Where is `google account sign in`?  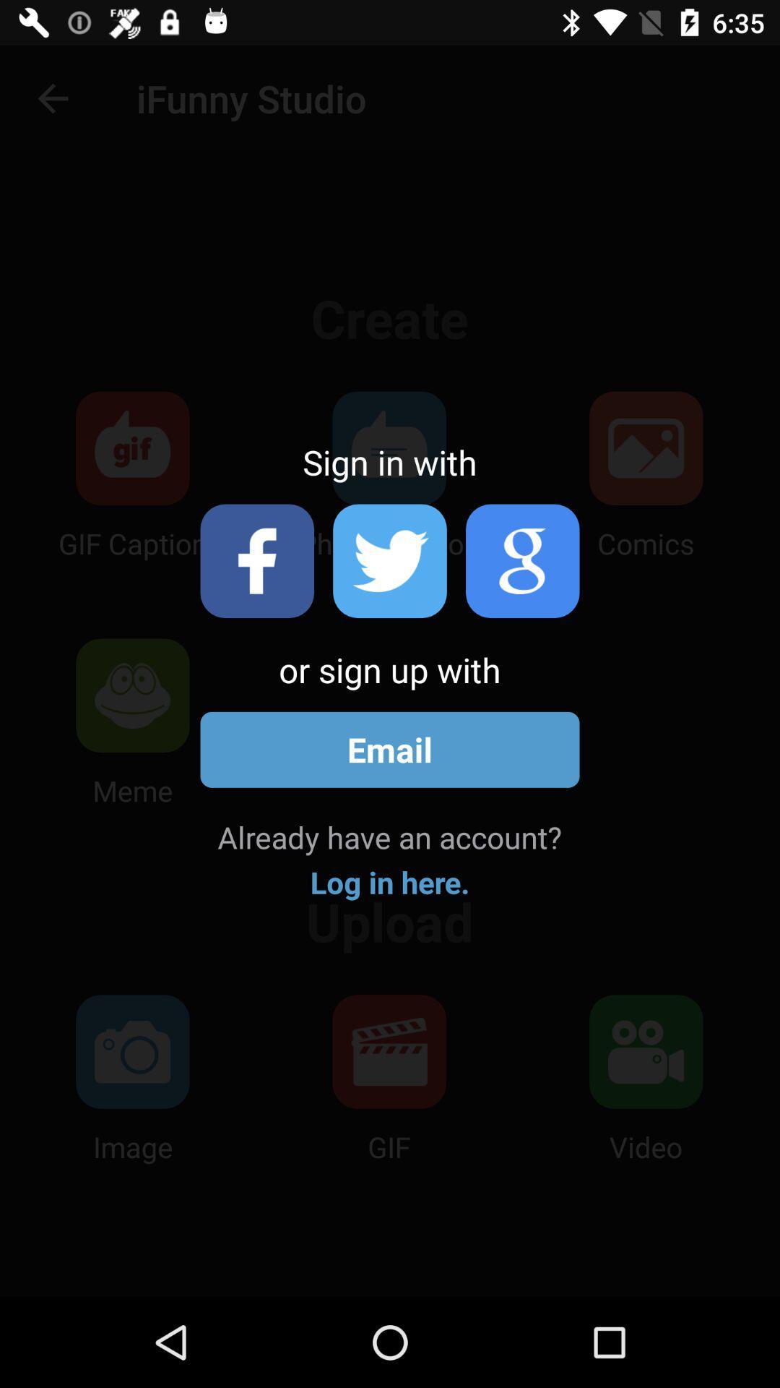 google account sign in is located at coordinates (522, 560).